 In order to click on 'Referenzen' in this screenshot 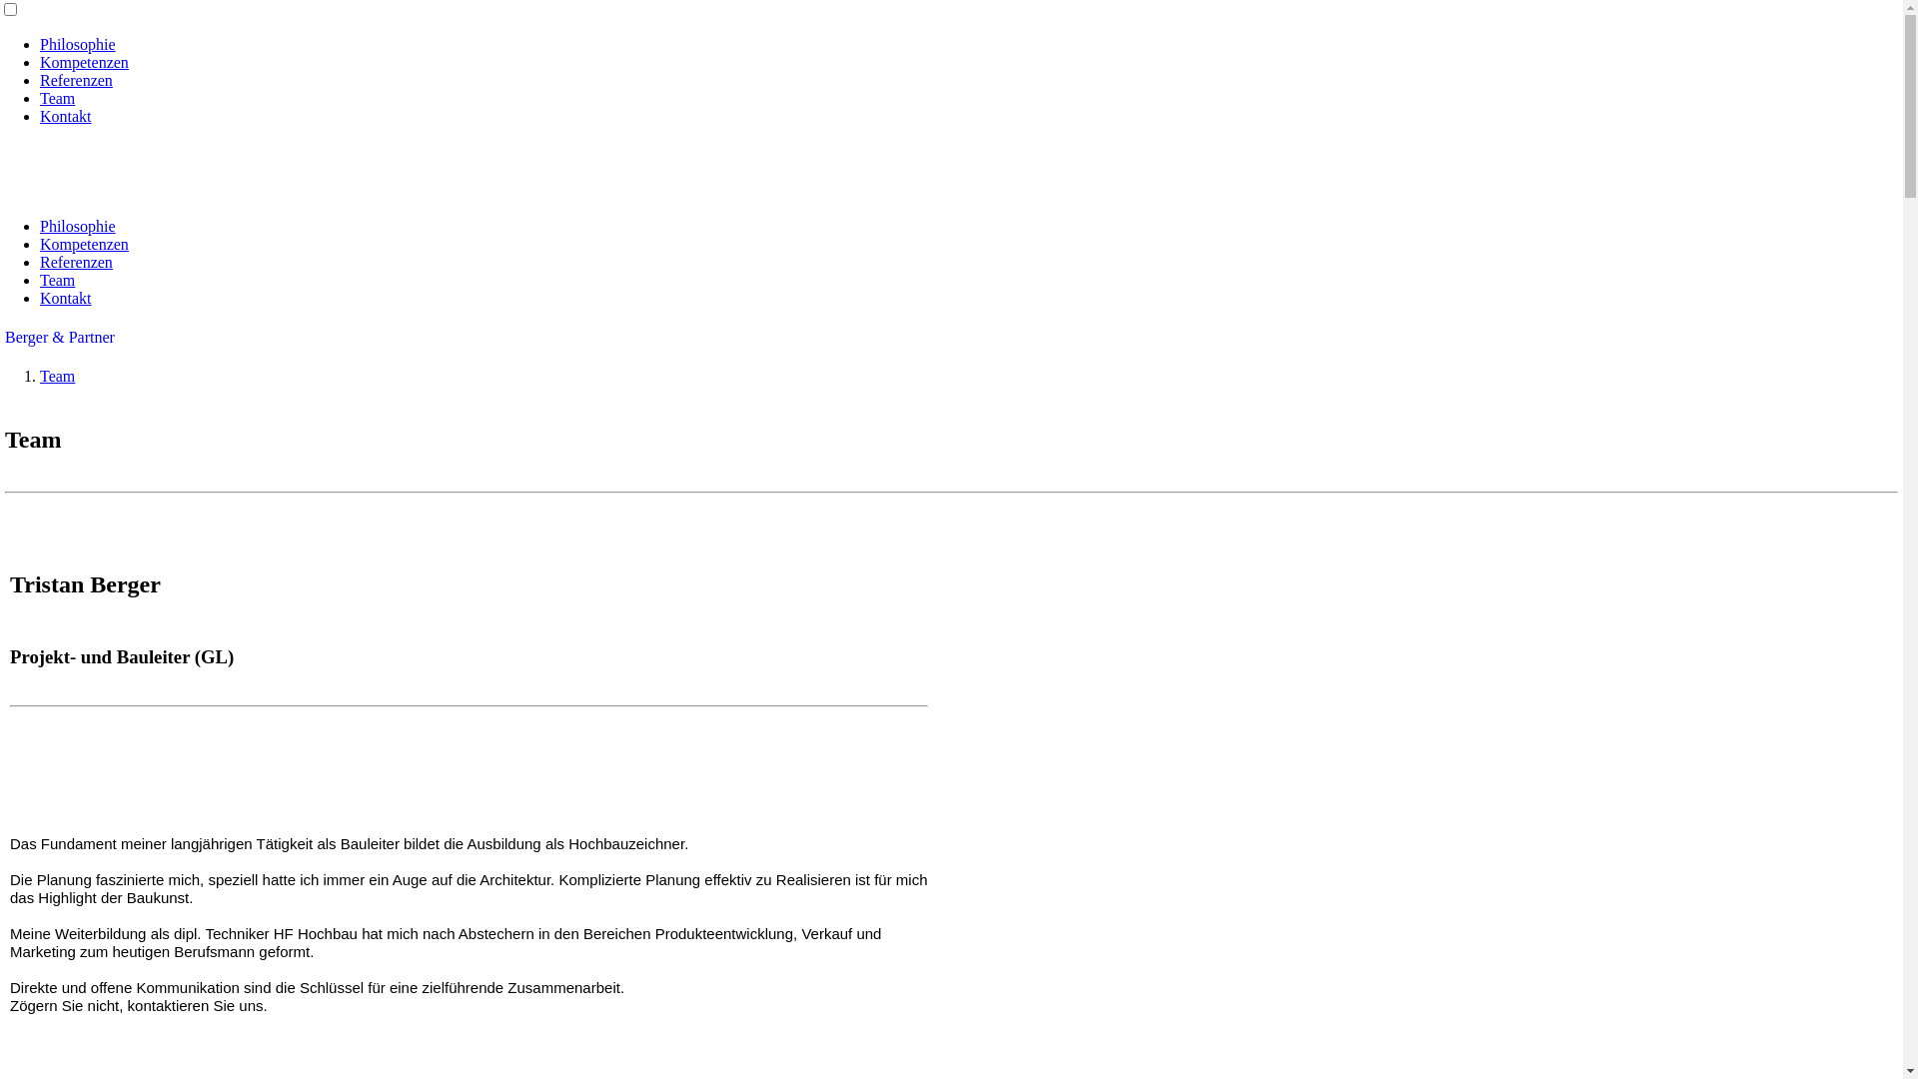, I will do `click(76, 79)`.